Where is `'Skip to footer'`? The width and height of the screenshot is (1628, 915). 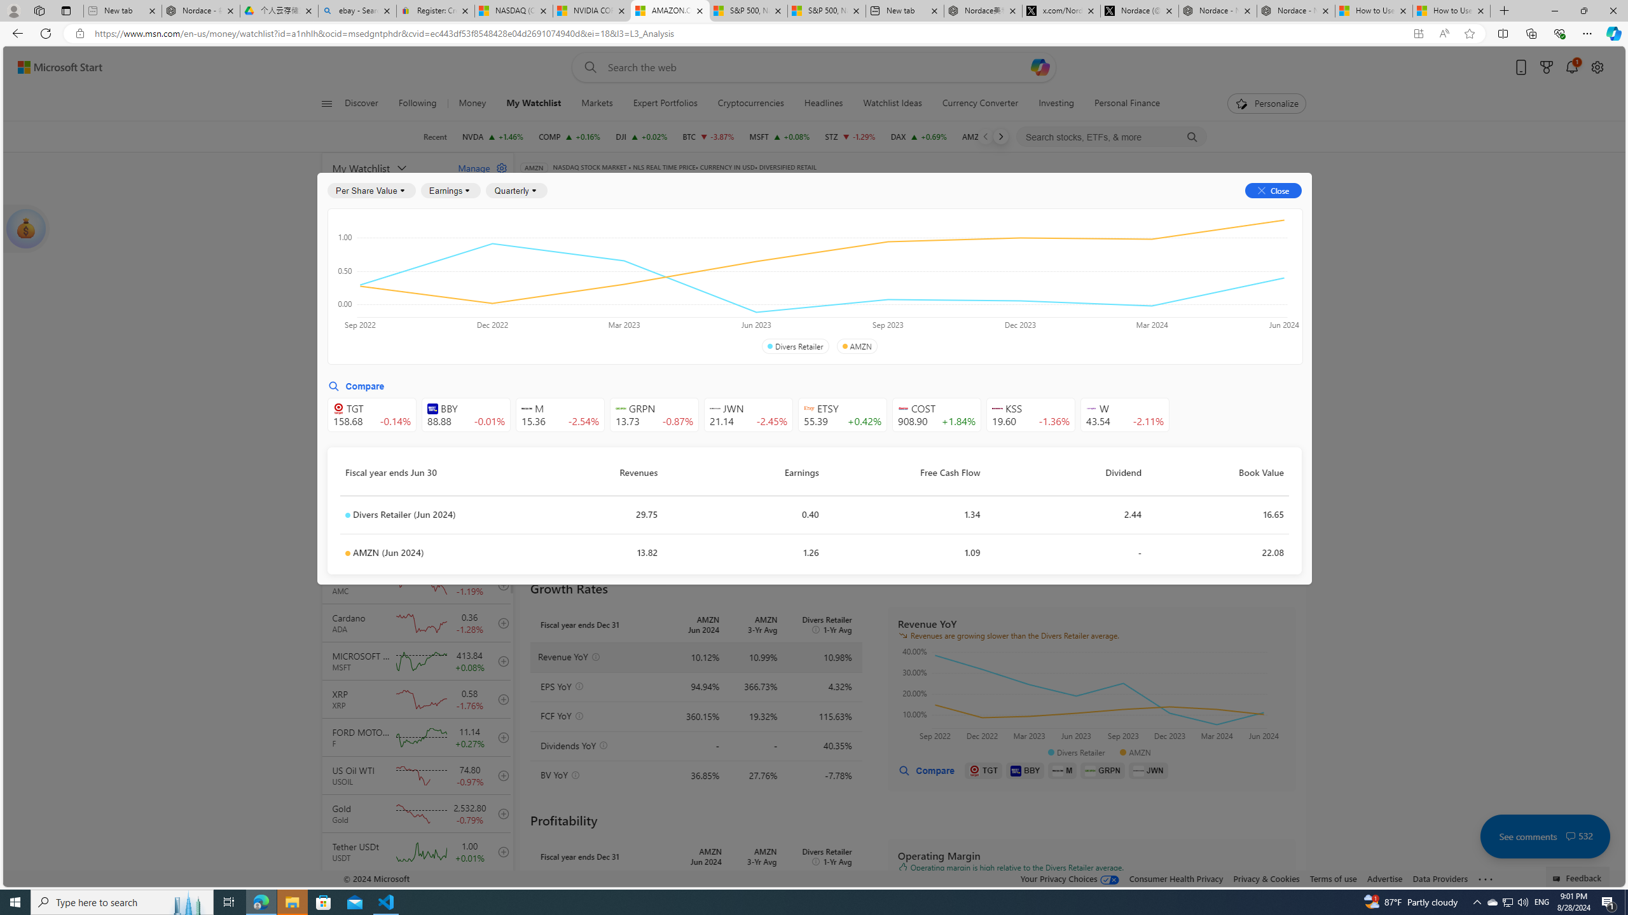 'Skip to footer' is located at coordinates (52, 66).